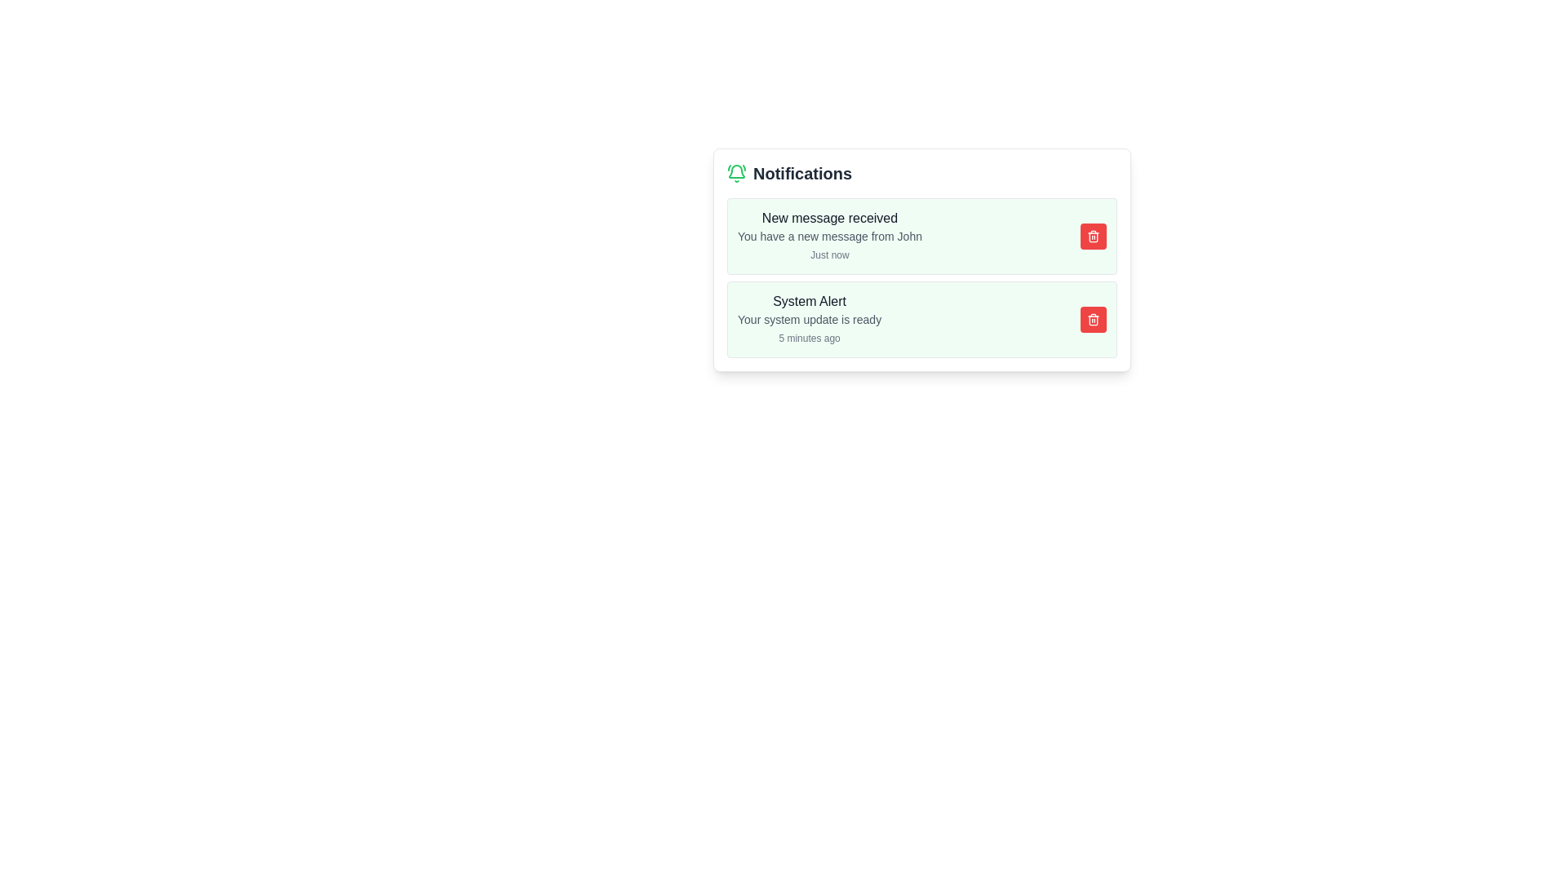 The image size is (1567, 881). What do you see at coordinates (1093, 320) in the screenshot?
I see `the icon button located to the right of the text 'System Alert: Your system update is ready'` at bounding box center [1093, 320].